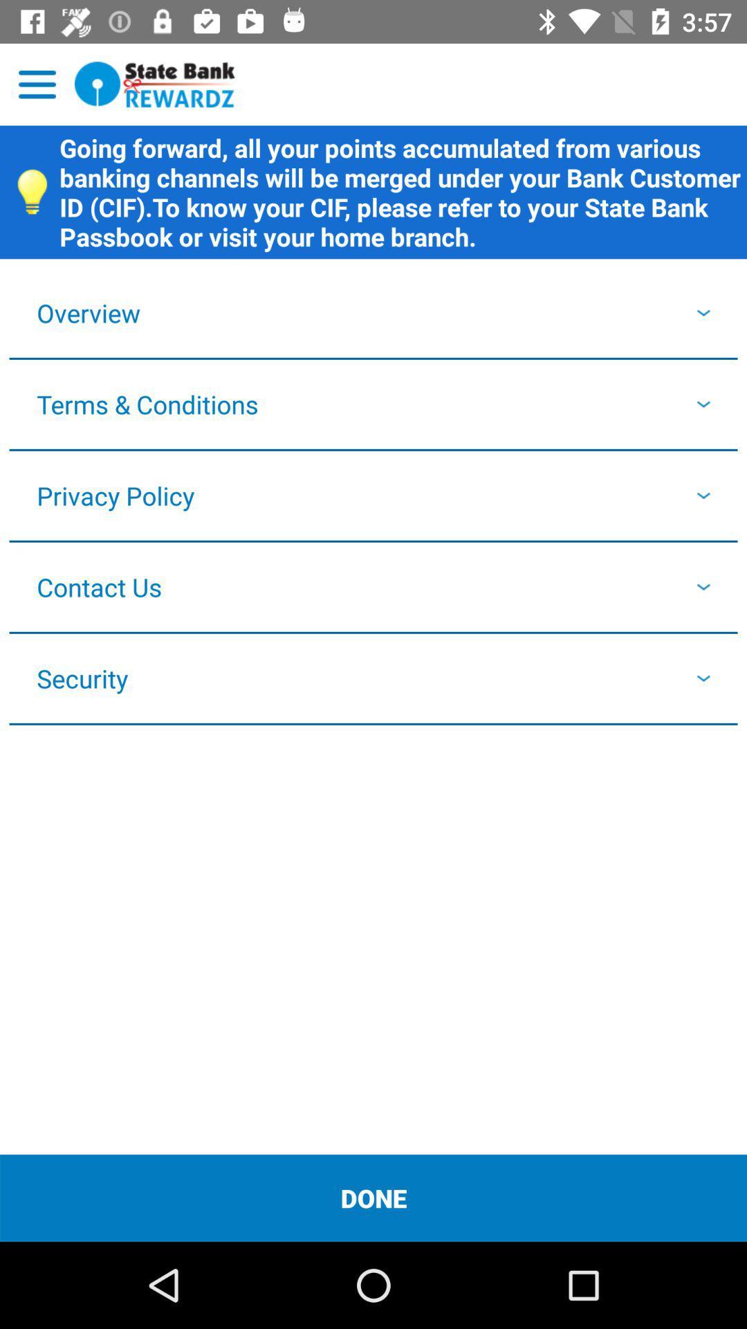 The image size is (747, 1329). I want to click on find a different part of the app, so click(37, 84).